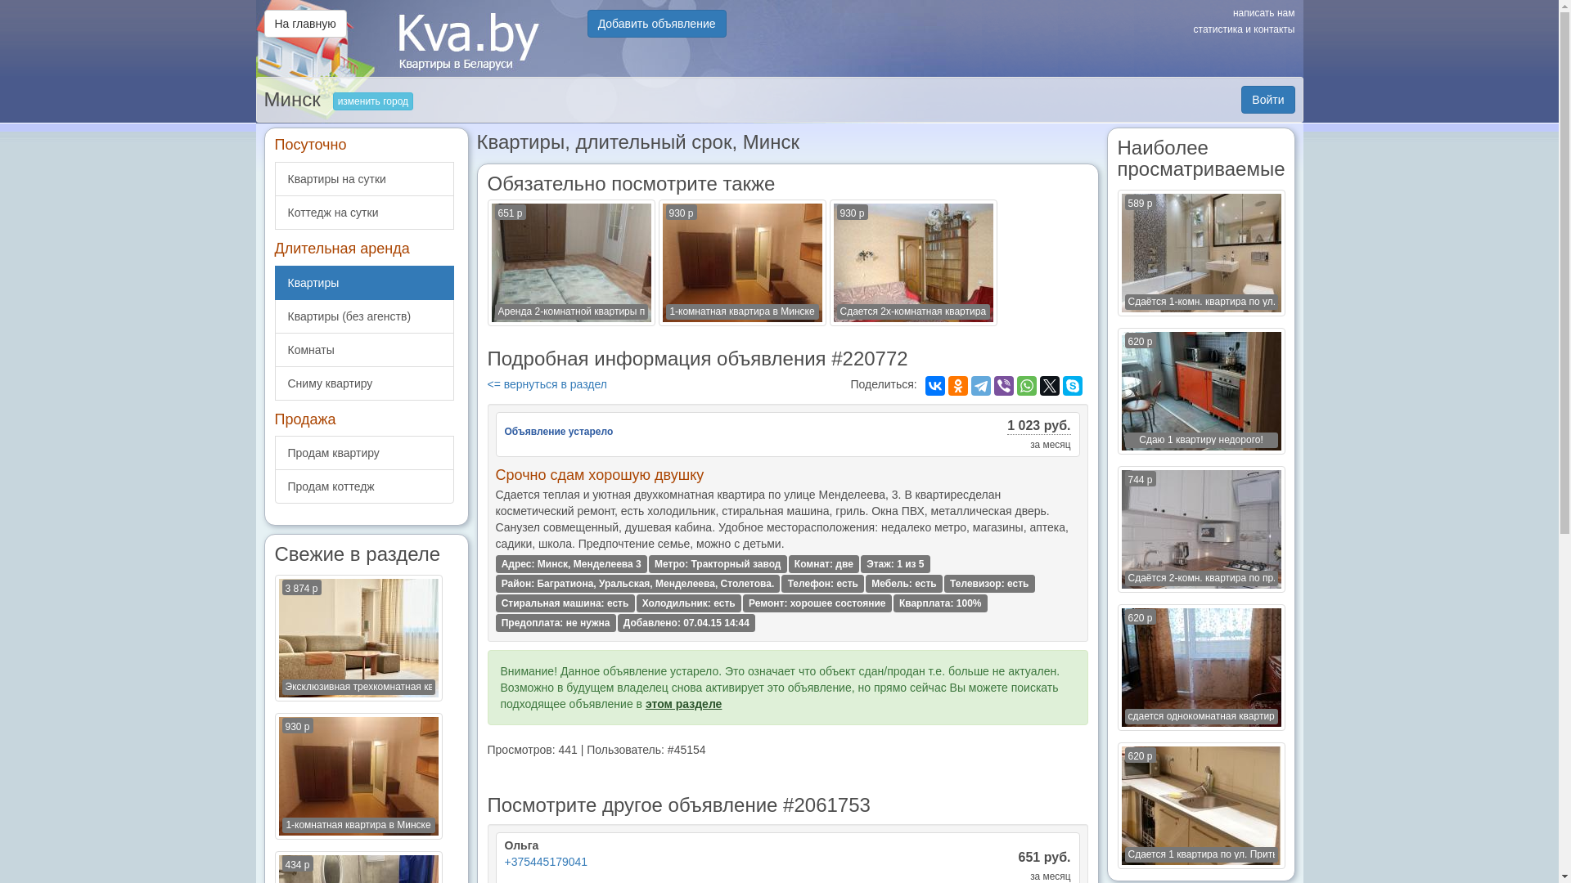 The width and height of the screenshot is (1571, 883). Describe the element at coordinates (1049, 385) in the screenshot. I see `'Twitter'` at that location.